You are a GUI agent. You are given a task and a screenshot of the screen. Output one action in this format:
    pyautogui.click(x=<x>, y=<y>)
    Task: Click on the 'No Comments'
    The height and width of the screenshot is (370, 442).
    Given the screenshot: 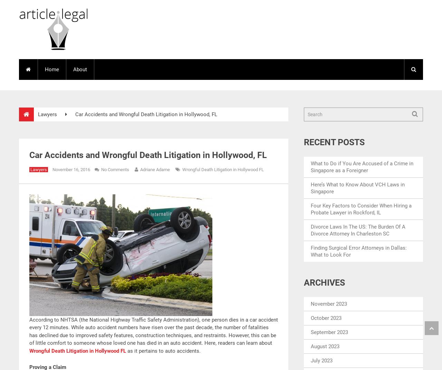 What is the action you would take?
    pyautogui.click(x=115, y=169)
    